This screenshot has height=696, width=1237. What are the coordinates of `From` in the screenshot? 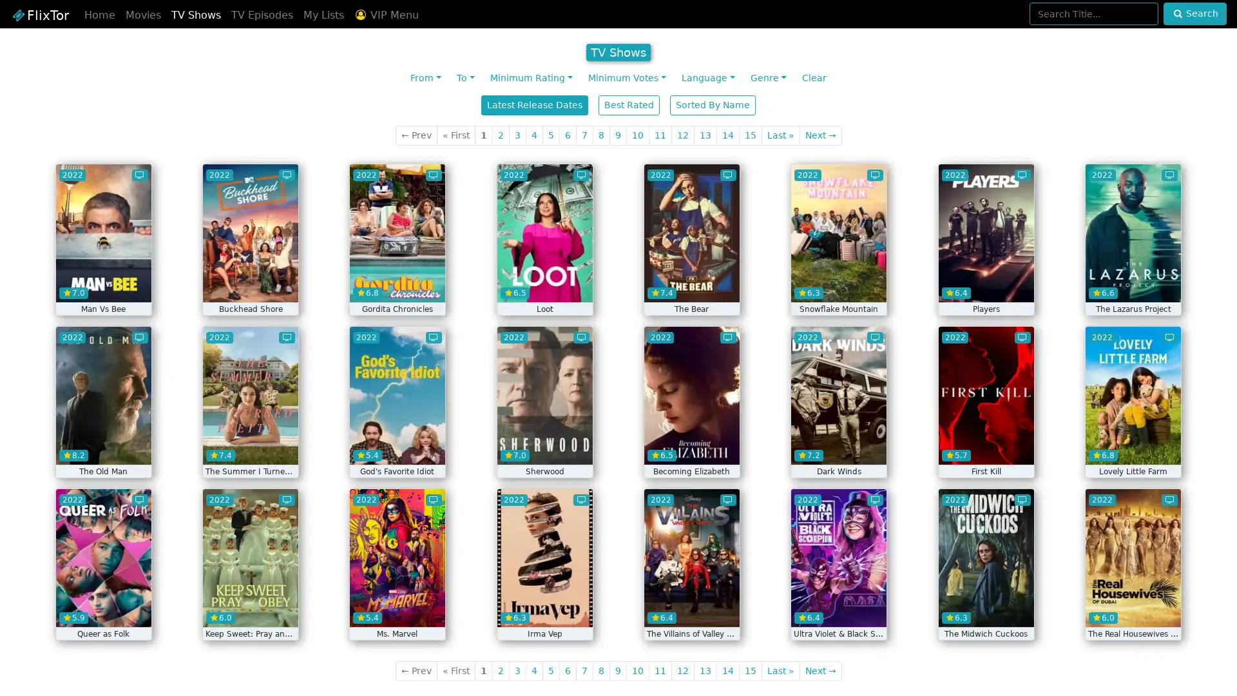 It's located at (426, 78).